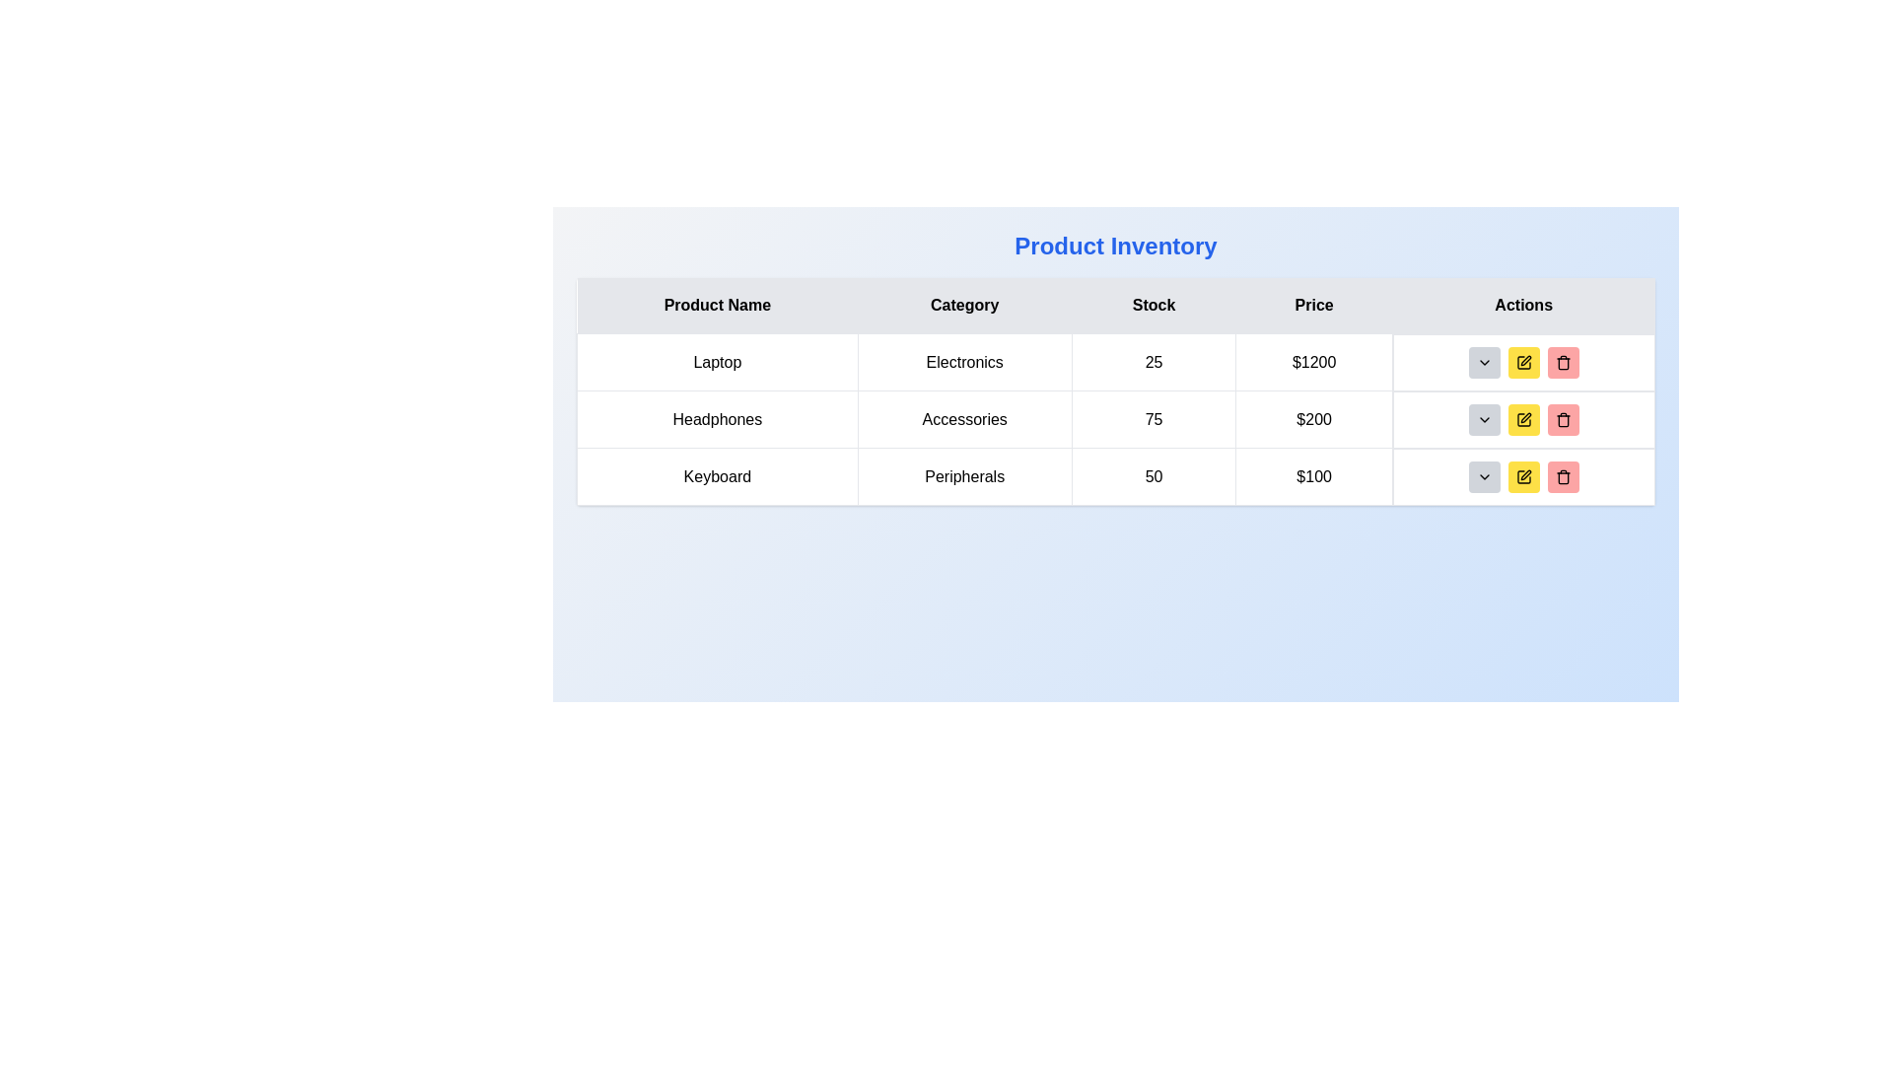 The height and width of the screenshot is (1065, 1893). I want to click on the edit icon button located in the Actions column of the third row of the data table, so click(1524, 474).